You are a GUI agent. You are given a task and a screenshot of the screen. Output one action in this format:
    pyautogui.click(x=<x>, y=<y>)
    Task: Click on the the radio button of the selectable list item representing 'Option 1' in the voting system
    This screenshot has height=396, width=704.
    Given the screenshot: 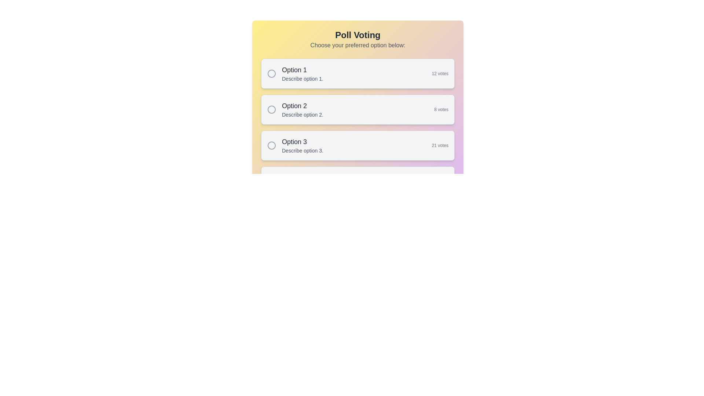 What is the action you would take?
    pyautogui.click(x=357, y=73)
    